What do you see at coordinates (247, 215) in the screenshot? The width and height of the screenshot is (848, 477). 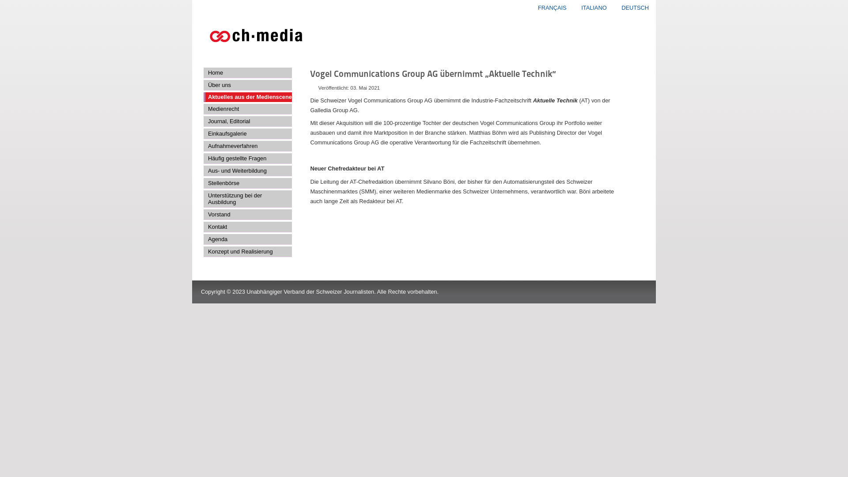 I see `'Vorstand'` at bounding box center [247, 215].